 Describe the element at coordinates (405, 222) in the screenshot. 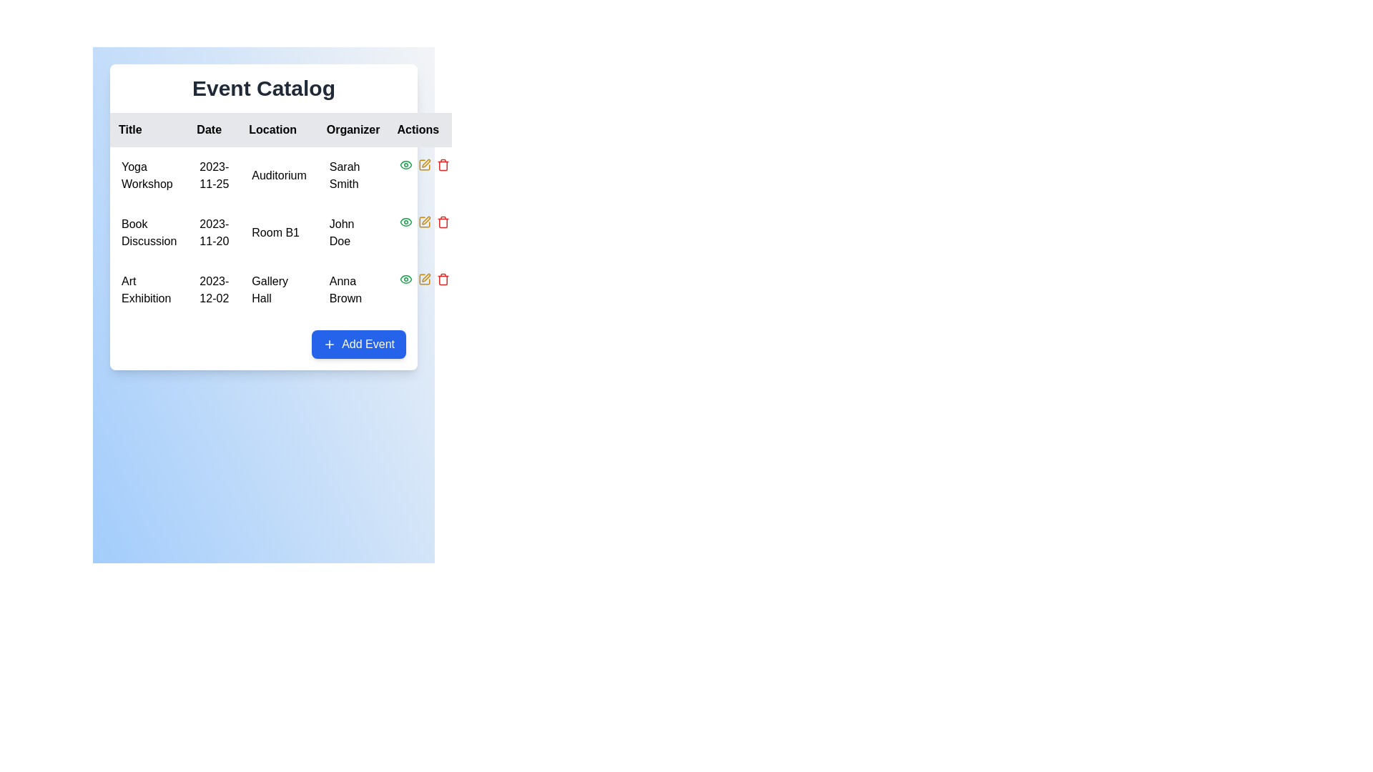

I see `the green eye icon button located in the 'Actions' column of the second row in the event table` at that location.